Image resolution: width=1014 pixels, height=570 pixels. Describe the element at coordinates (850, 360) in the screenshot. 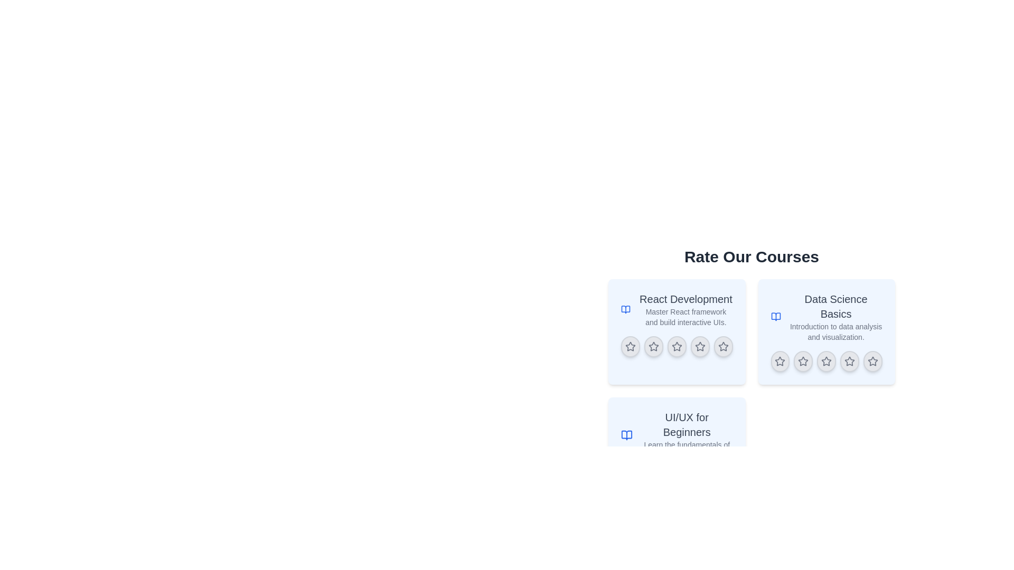

I see `the fourth rating star icon` at that location.